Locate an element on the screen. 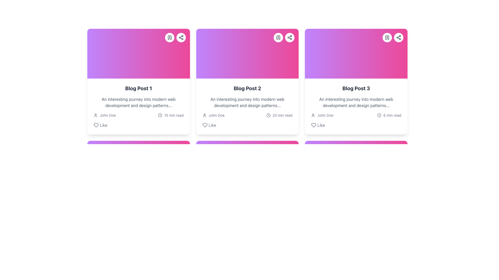 The width and height of the screenshot is (499, 280). text content of the identification label displaying the author's or user's name associated with the blog post, located to the right of the user profile icon is located at coordinates (216, 115).